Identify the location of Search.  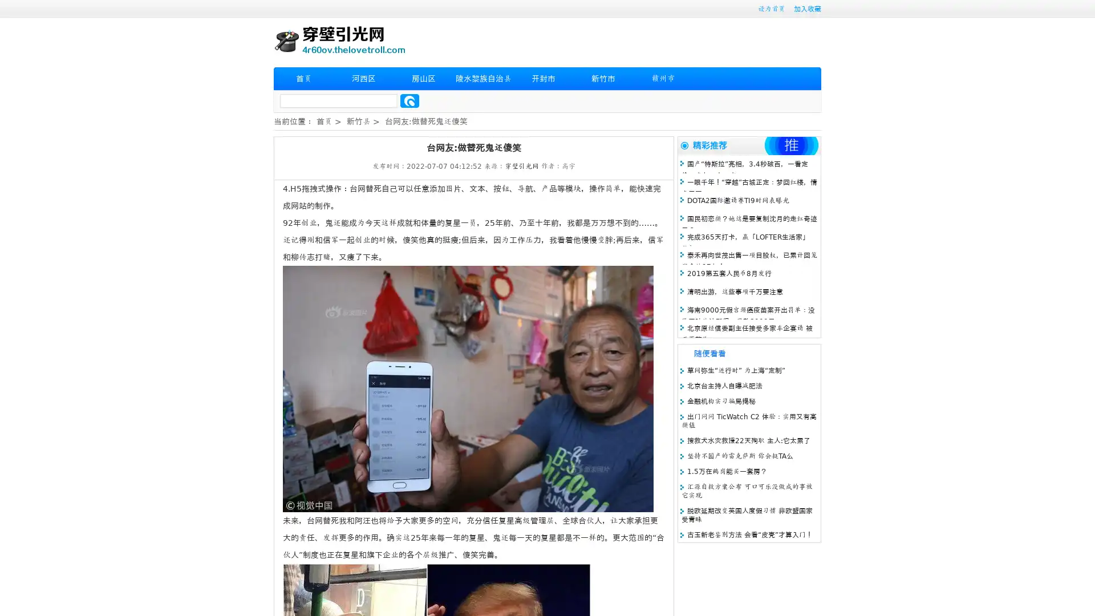
(409, 100).